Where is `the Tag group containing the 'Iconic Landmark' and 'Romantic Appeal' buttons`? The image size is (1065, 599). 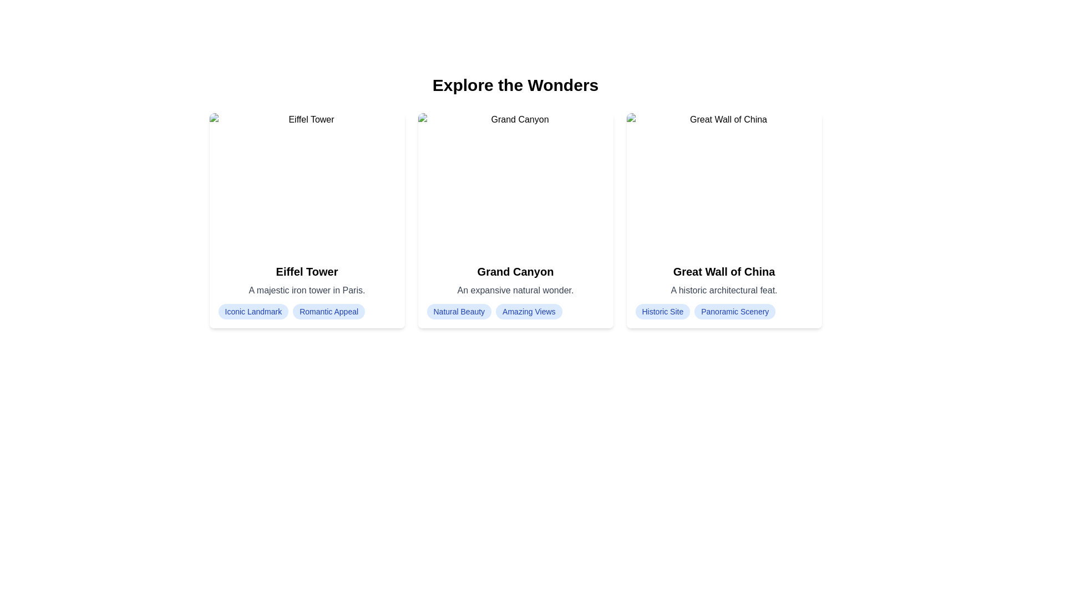 the Tag group containing the 'Iconic Landmark' and 'Romantic Appeal' buttons is located at coordinates (307, 312).